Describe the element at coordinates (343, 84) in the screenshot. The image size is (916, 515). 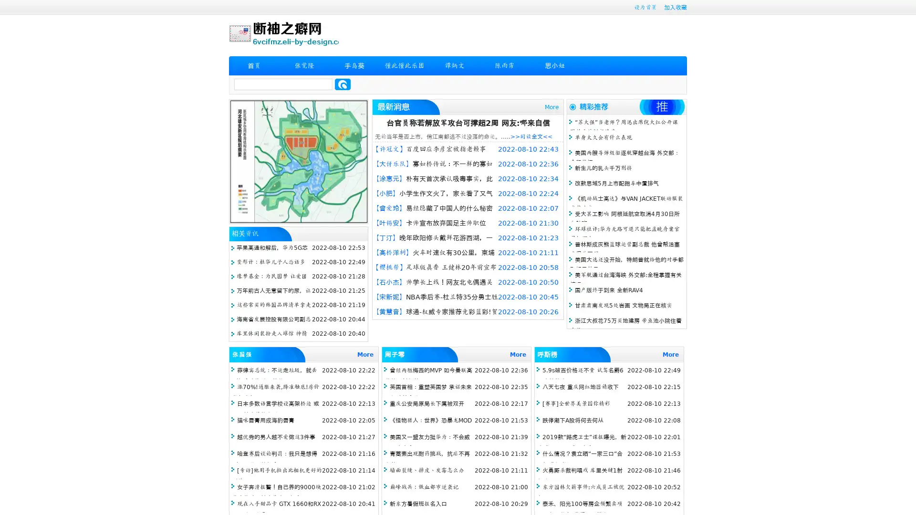
I see `Search` at that location.